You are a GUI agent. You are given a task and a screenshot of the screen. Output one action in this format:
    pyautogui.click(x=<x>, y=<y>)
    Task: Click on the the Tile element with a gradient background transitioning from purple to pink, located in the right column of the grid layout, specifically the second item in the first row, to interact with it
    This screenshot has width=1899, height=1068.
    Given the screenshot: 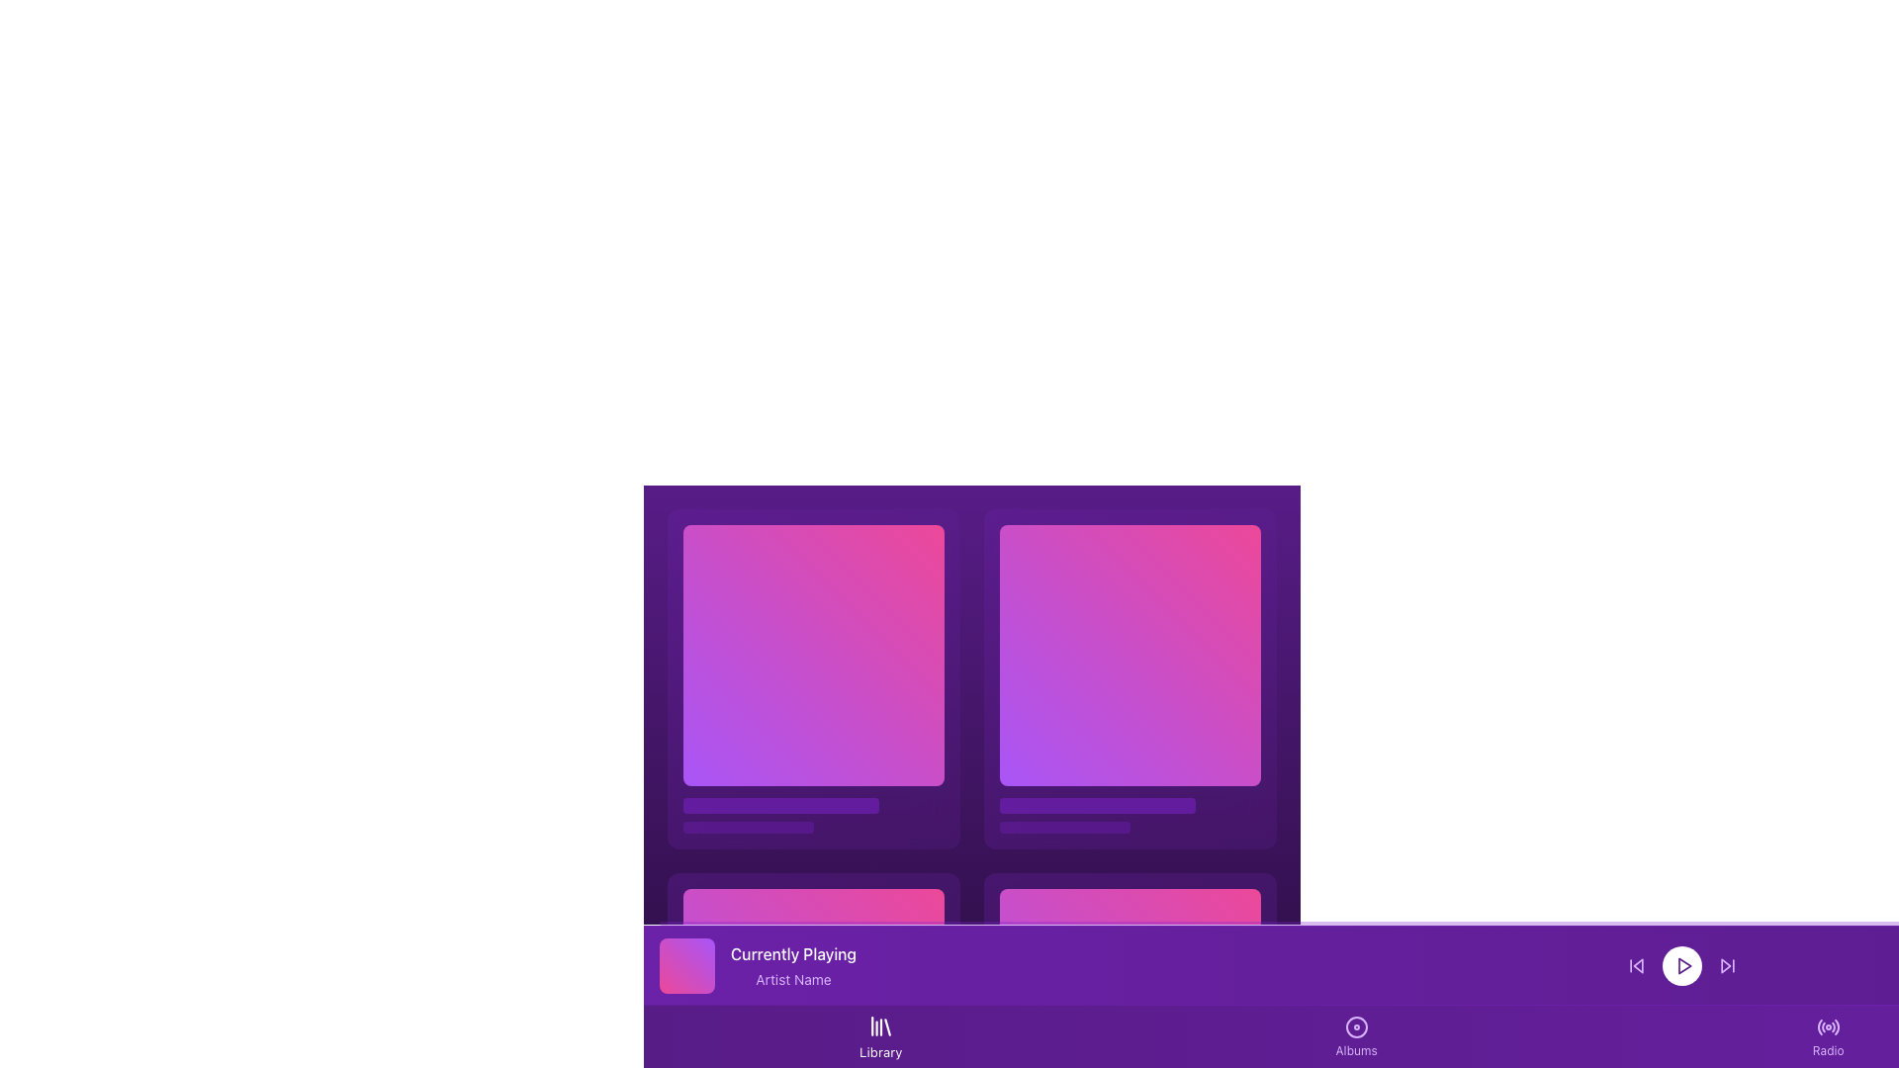 What is the action you would take?
    pyautogui.click(x=1130, y=677)
    